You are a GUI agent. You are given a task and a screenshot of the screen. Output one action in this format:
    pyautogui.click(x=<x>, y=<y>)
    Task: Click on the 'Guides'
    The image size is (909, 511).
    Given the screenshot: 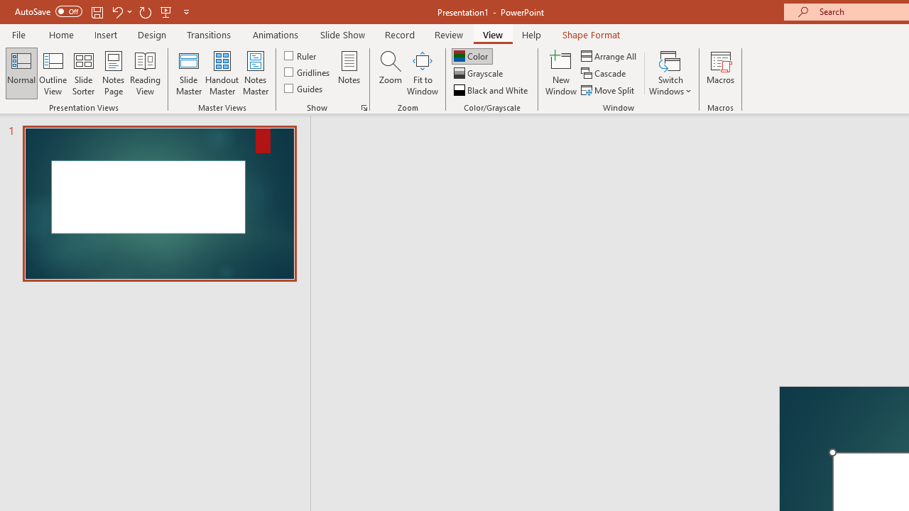 What is the action you would take?
    pyautogui.click(x=303, y=88)
    